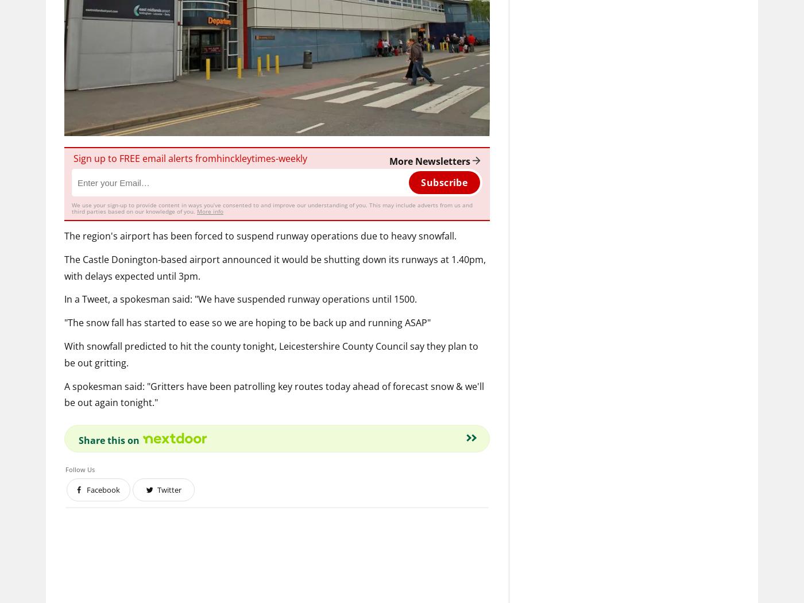 This screenshot has height=603, width=804. Describe the element at coordinates (64, 394) in the screenshot. I see `'A spokesman said: "Gritters have been patrolling key routes today ahead of forecast snow & we'll be out again tonight."'` at that location.